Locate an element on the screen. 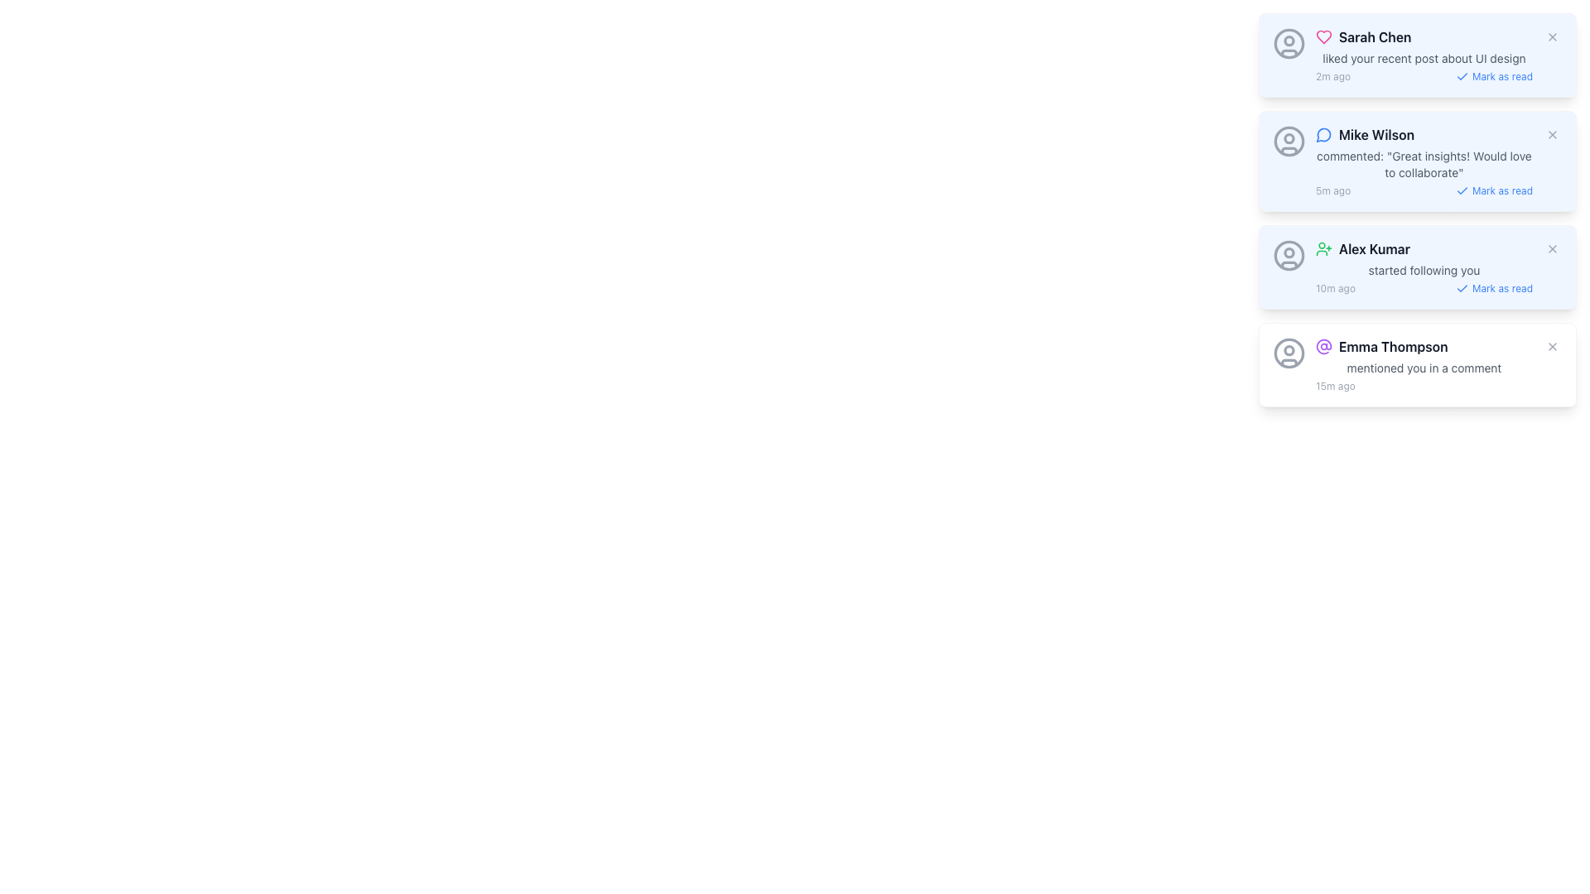 The height and width of the screenshot is (894, 1590). the outermost circular shape of the user icon located to the left of the notification regarding Mike Wilson is located at coordinates (1288, 140).